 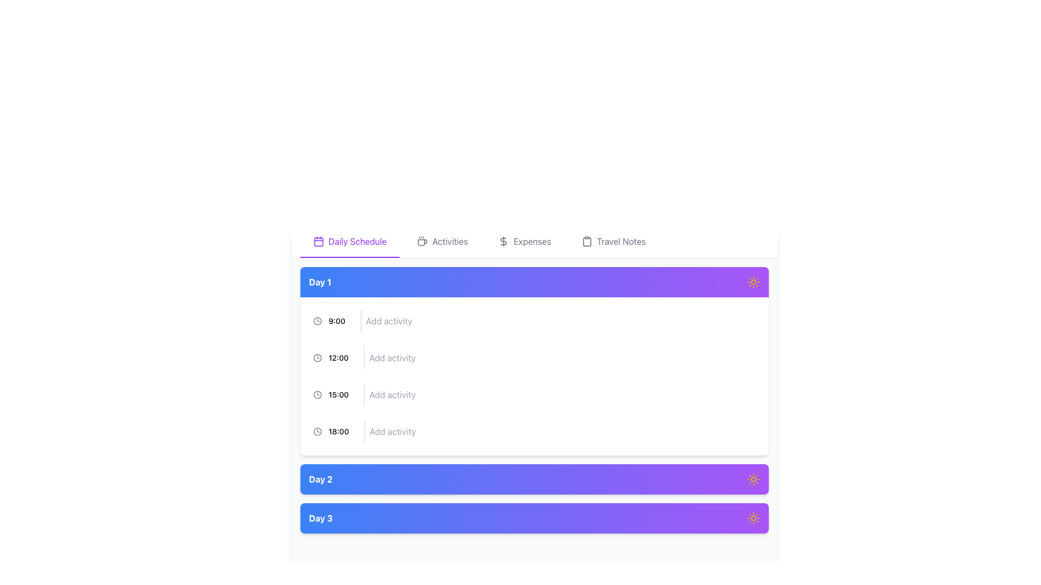 What do you see at coordinates (317, 395) in the screenshot?
I see `the outermost circle of the clock icon in the '15:00' row of the 'Day 1' section in the schedule planner interface` at bounding box center [317, 395].